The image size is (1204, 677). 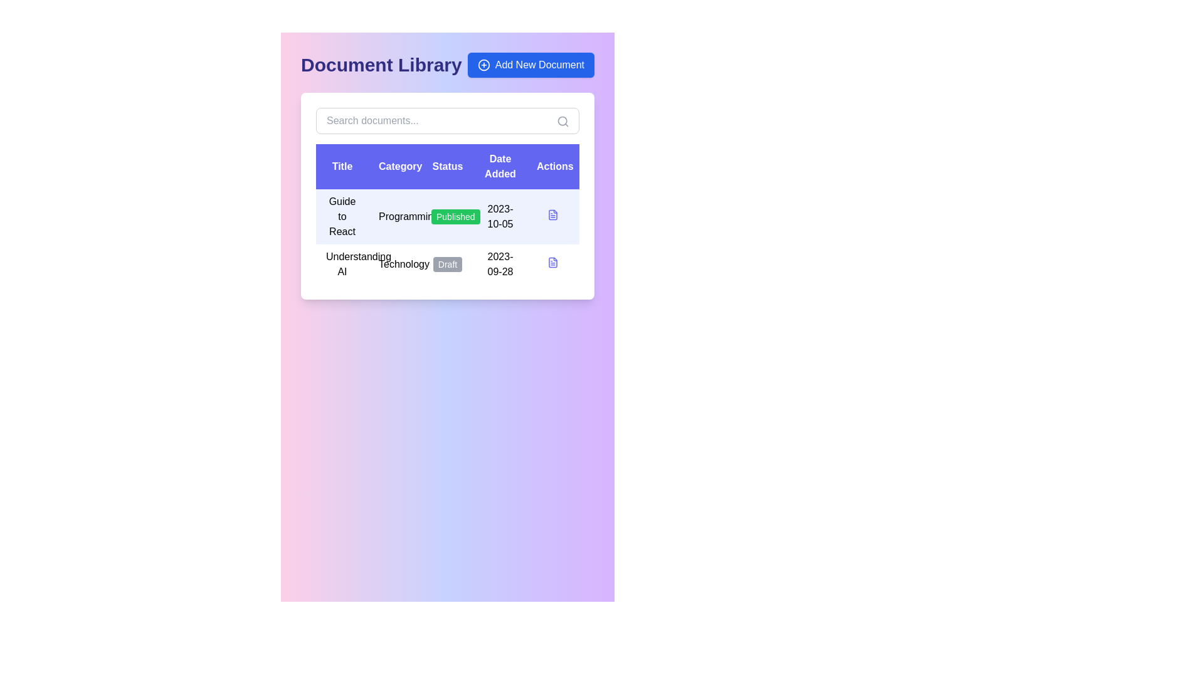 I want to click on the first column header labeled 'Titles' in the table header row, so click(x=342, y=166).